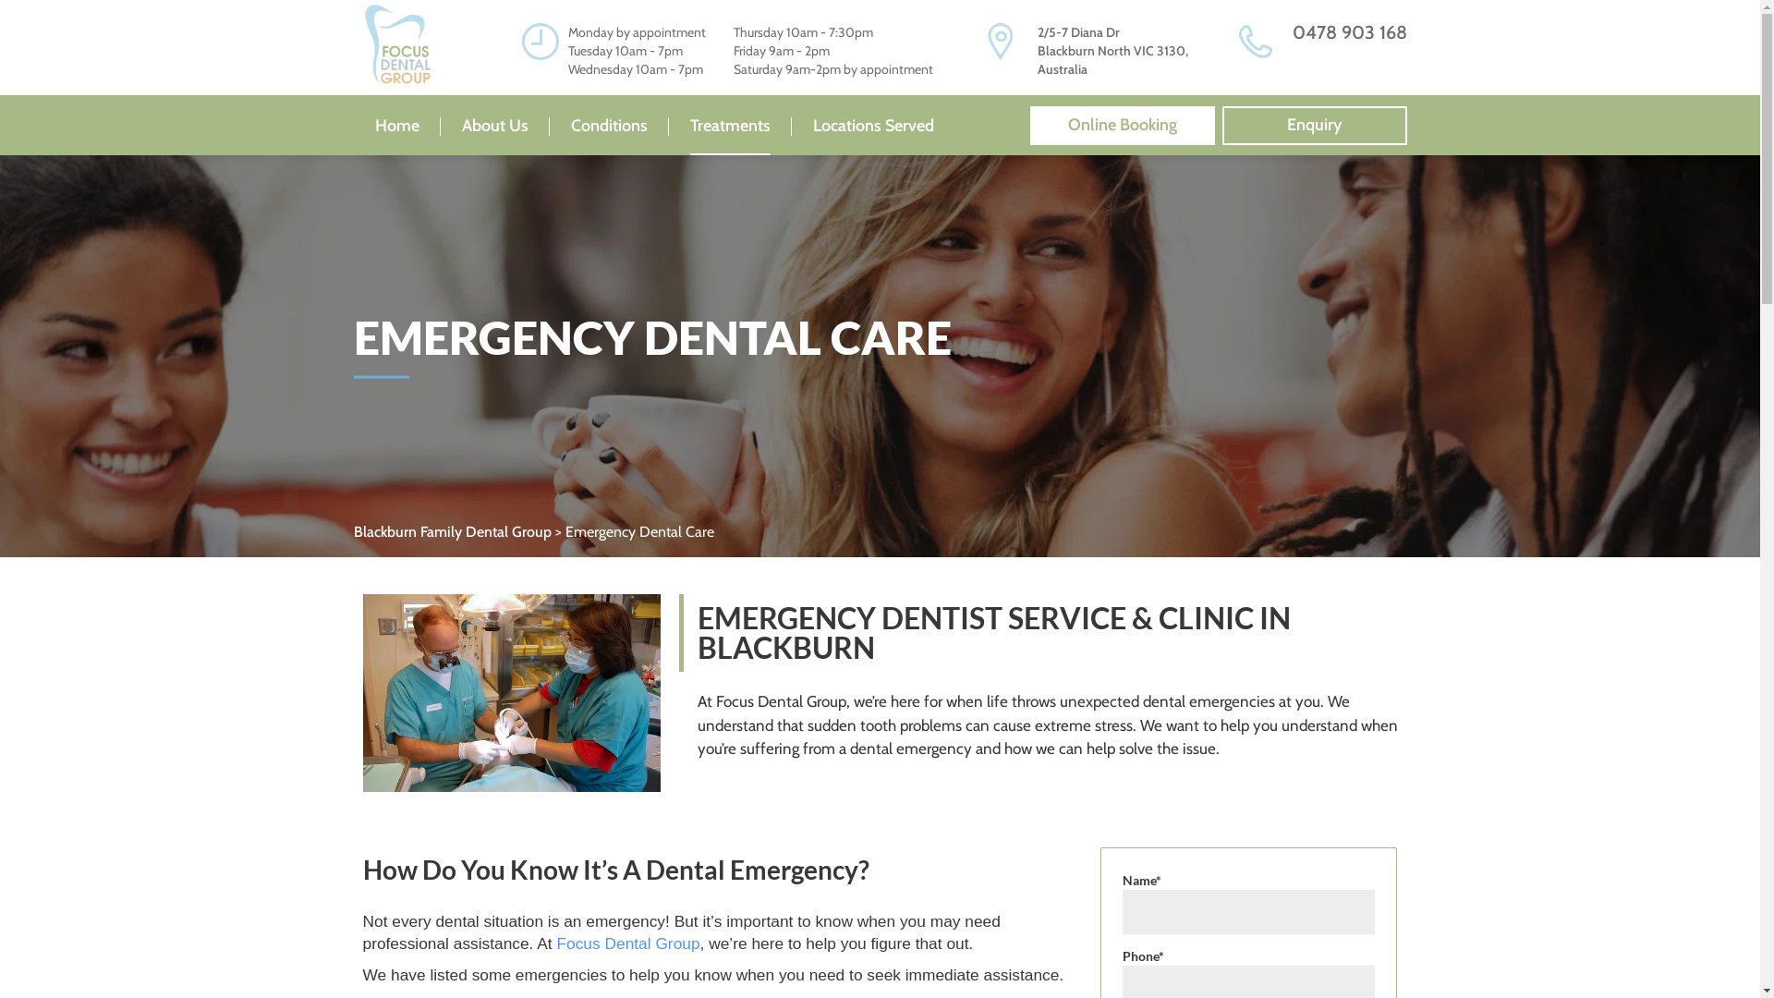  Describe the element at coordinates (1121, 125) in the screenshot. I see `'Online Booking'` at that location.